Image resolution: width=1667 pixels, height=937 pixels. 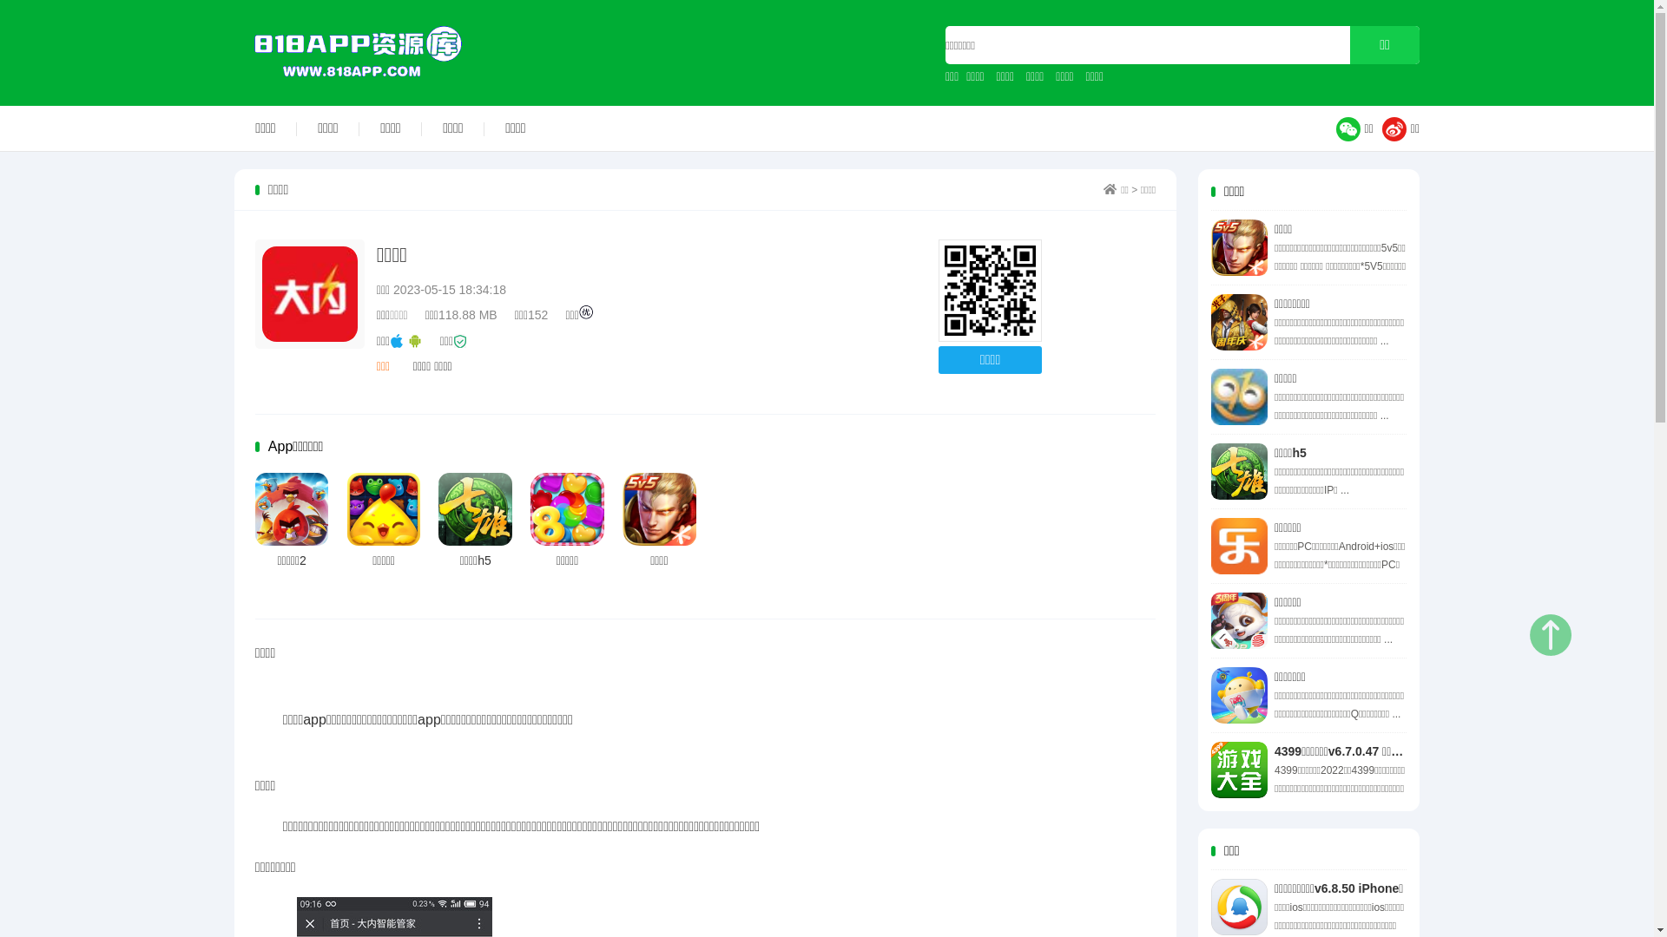 I want to click on 'http://www.818app.com', so click(x=990, y=290).